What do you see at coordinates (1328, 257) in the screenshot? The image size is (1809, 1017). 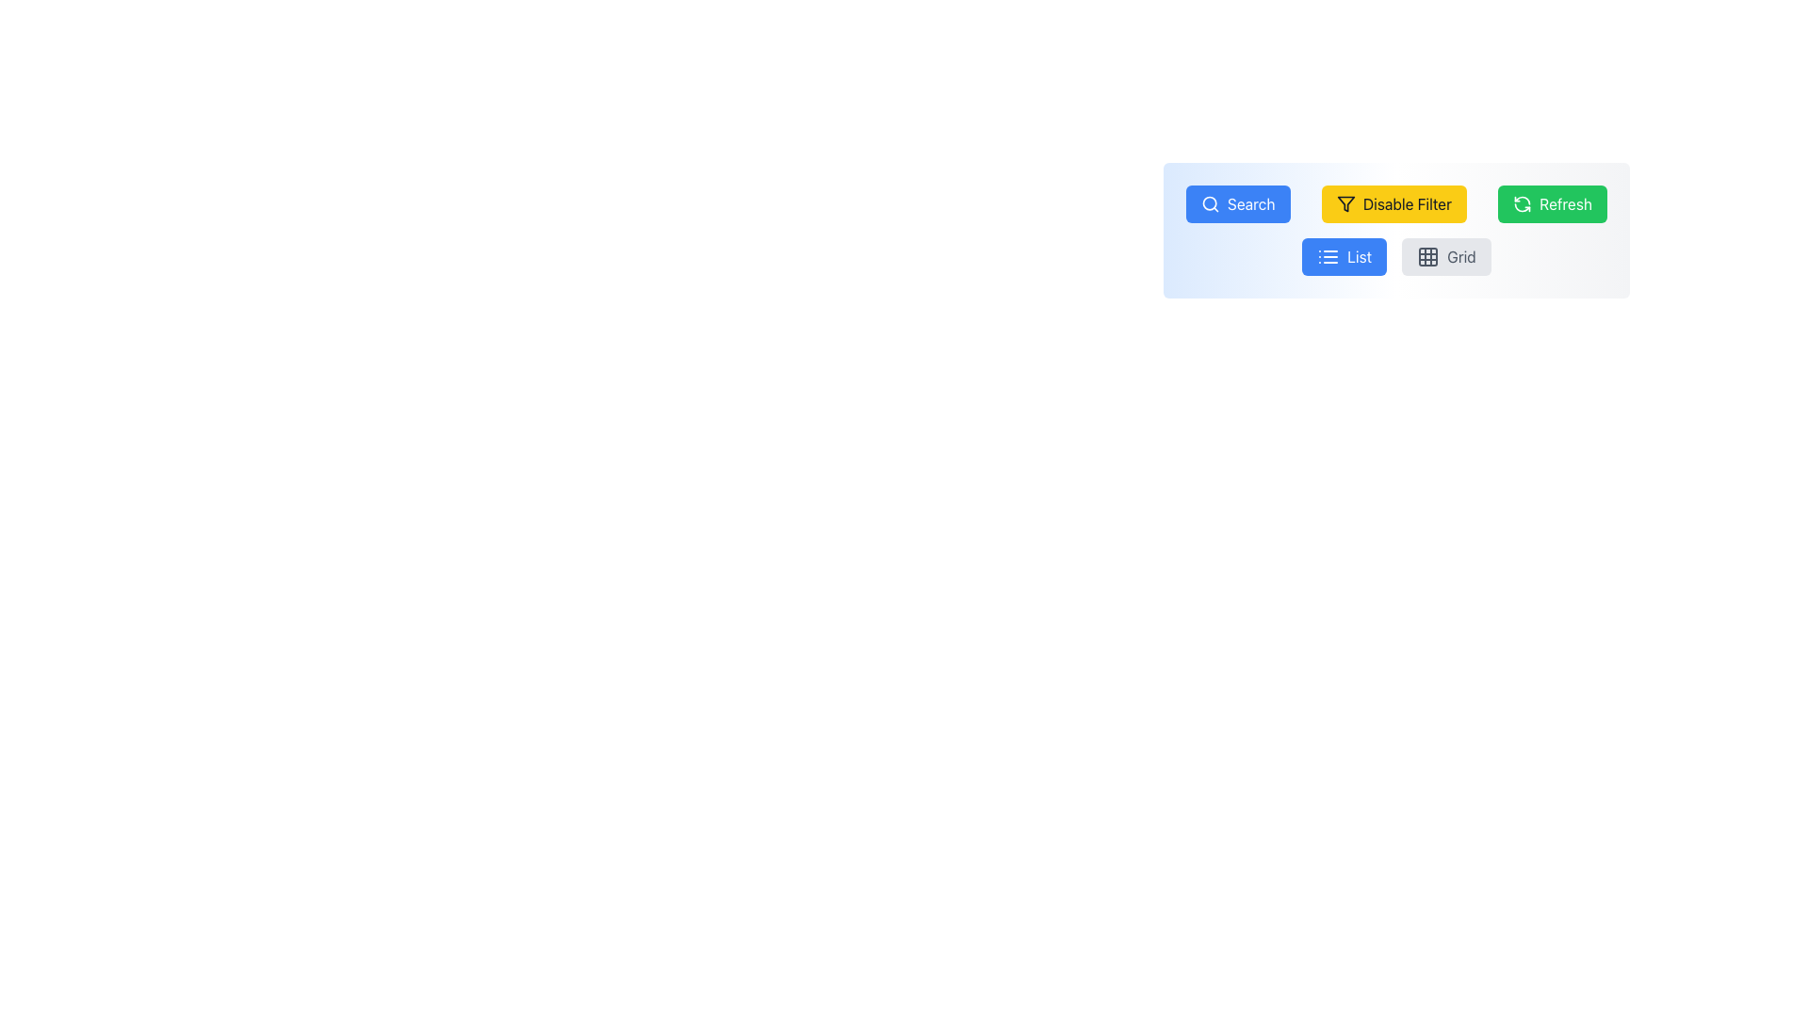 I see `the icon consisting of three horizontal lines within the button labeled 'List'` at bounding box center [1328, 257].